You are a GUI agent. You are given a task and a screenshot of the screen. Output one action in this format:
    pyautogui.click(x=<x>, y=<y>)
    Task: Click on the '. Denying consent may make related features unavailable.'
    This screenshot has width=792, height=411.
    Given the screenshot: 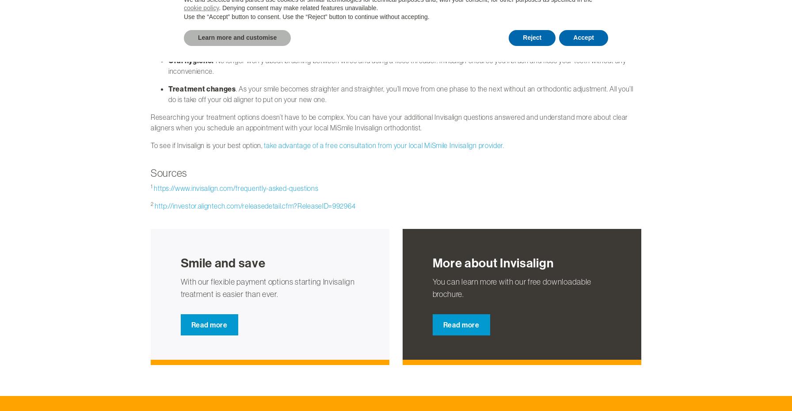 What is the action you would take?
    pyautogui.click(x=218, y=8)
    